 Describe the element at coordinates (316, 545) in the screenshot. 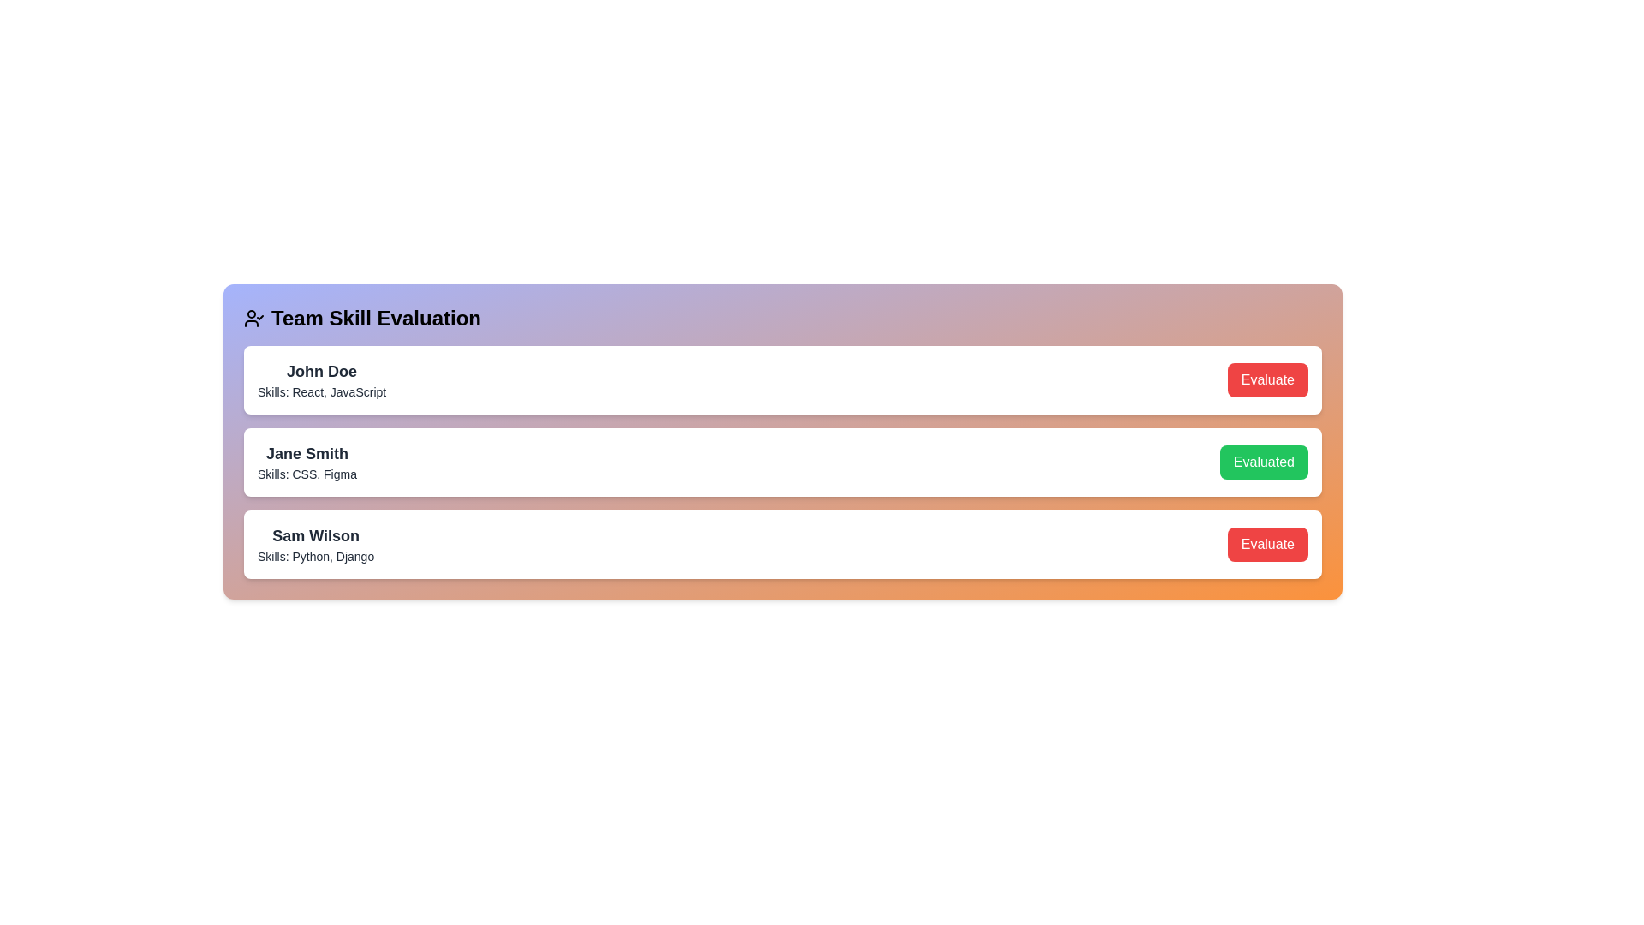

I see `the text display showing 'Sam Wilson' with the subtitle 'Skills: Python, Django' to focus this element` at that location.